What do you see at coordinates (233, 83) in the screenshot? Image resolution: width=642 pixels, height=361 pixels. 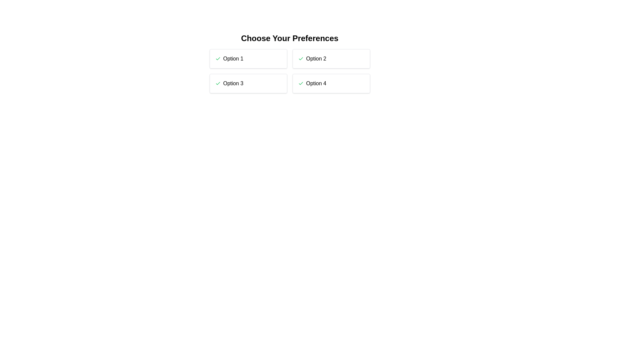 I see `the text label of the option Option 3` at bounding box center [233, 83].